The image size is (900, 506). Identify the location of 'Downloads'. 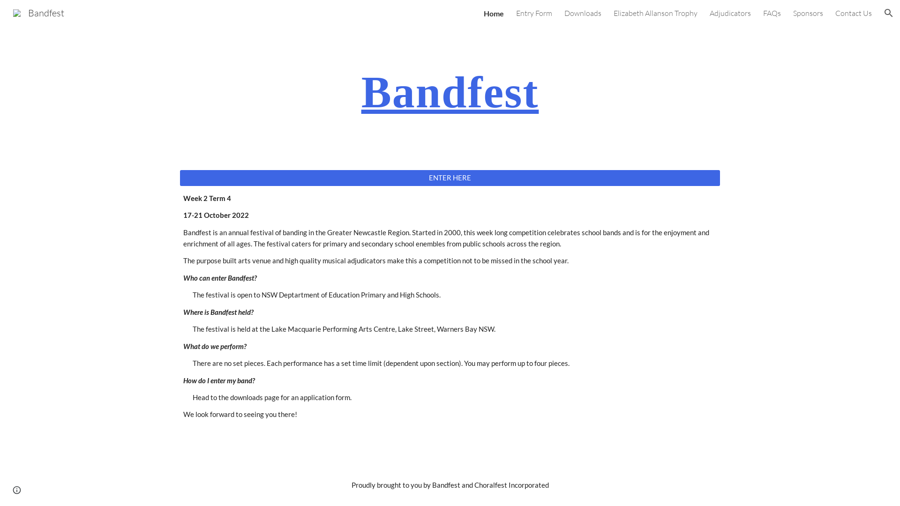
(582, 13).